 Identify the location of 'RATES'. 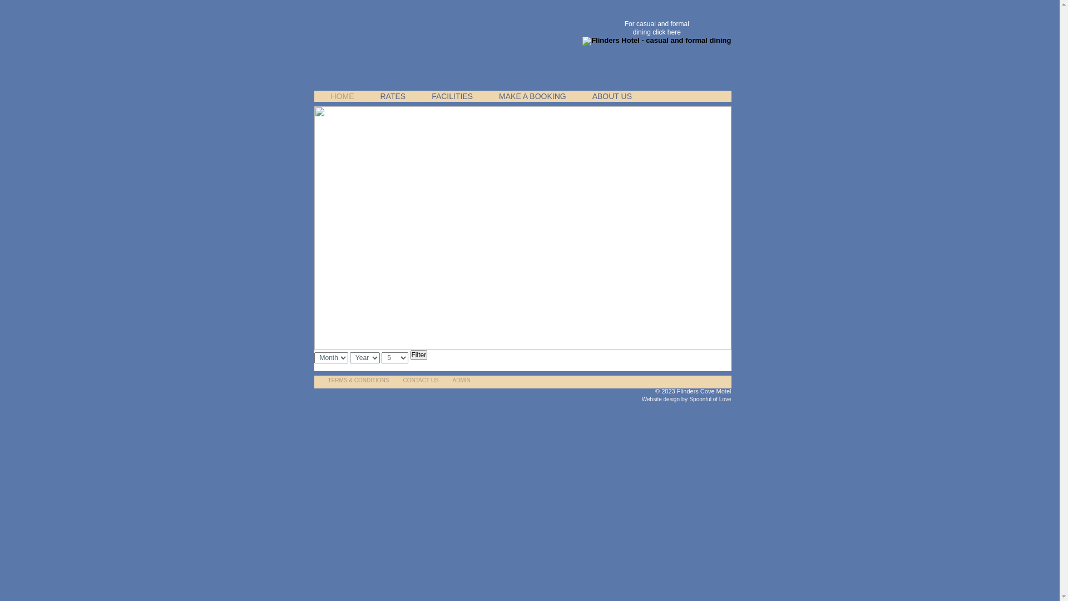
(389, 96).